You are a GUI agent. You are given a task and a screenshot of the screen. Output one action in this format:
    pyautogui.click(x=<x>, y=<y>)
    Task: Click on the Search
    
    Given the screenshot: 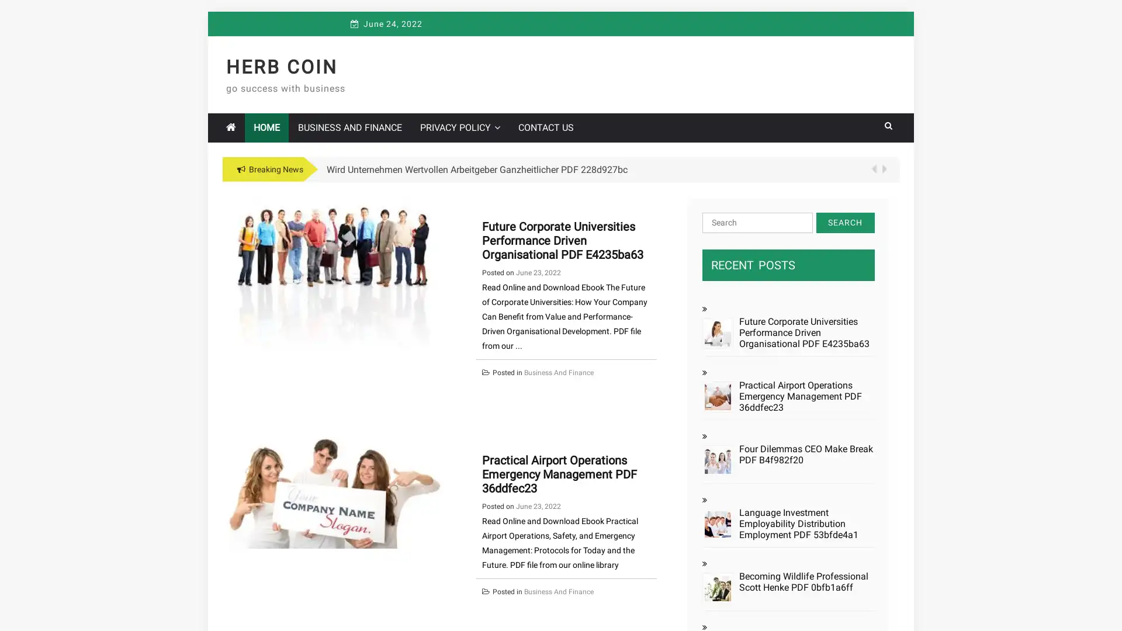 What is the action you would take?
    pyautogui.click(x=844, y=222)
    